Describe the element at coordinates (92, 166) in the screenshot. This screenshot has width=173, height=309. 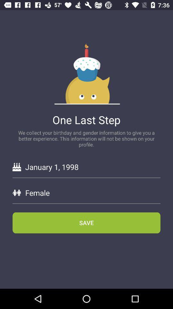
I see `january 1, 1998 icon` at that location.